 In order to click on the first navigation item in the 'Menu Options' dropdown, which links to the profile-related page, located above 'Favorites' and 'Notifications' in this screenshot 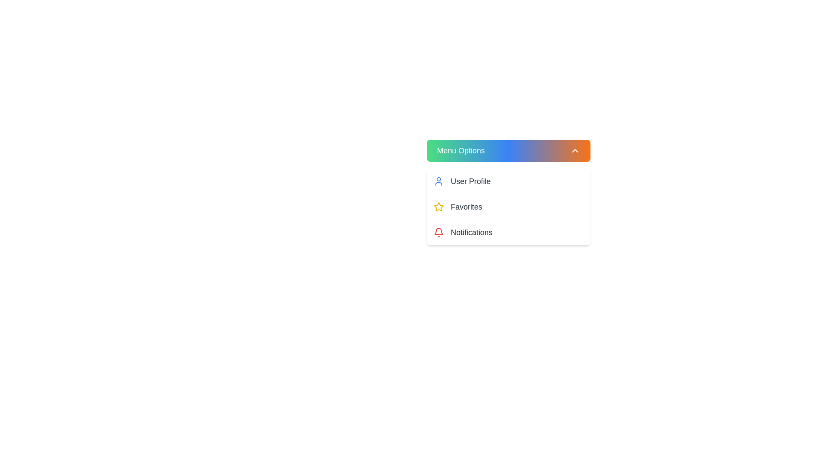, I will do `click(509, 181)`.